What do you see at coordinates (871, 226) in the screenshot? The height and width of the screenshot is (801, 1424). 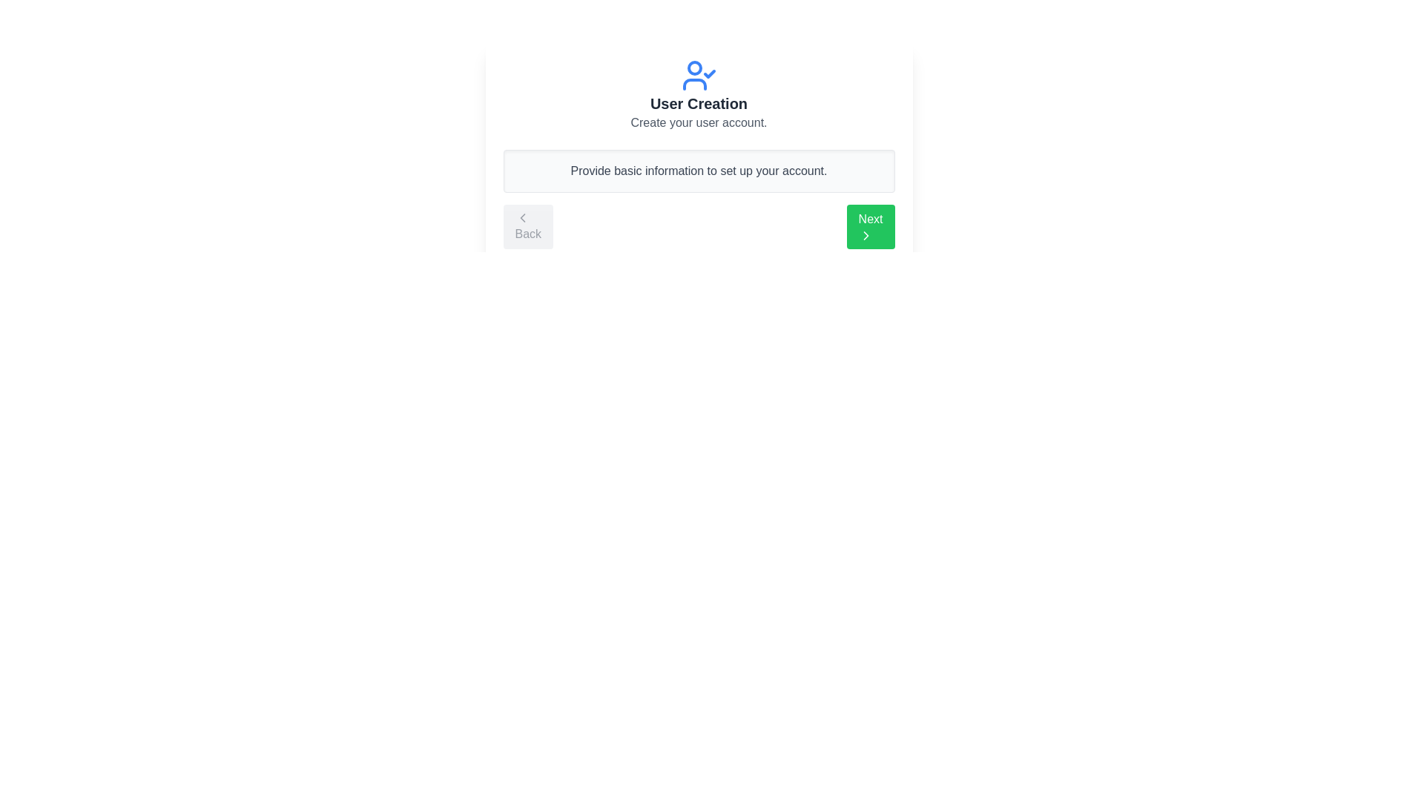 I see `the 'Next' button to navigate to the next step` at bounding box center [871, 226].